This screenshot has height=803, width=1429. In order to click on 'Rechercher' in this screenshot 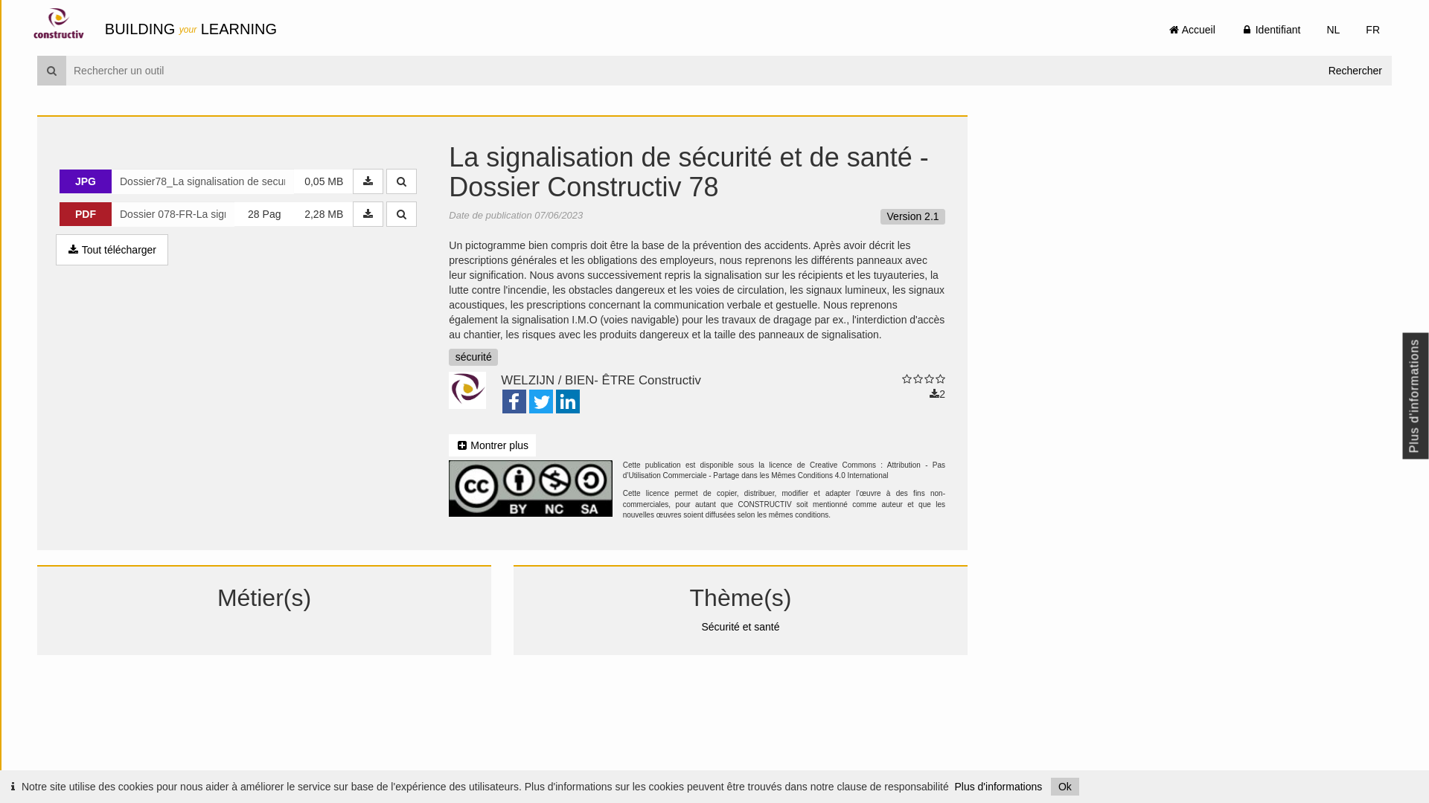, I will do `click(1355, 71)`.